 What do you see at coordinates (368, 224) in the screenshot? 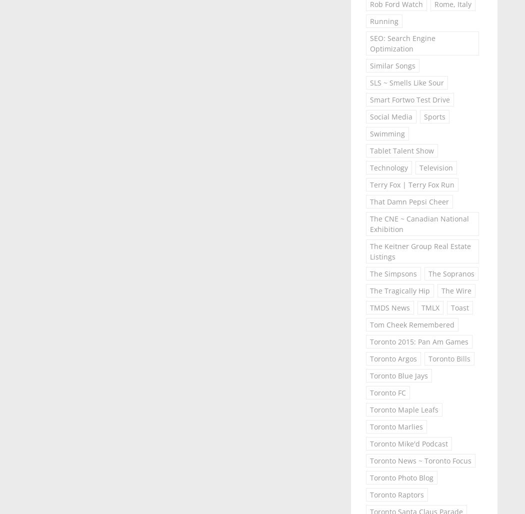
I see `'The CNE ~ Canadian National Exhibition'` at bounding box center [368, 224].